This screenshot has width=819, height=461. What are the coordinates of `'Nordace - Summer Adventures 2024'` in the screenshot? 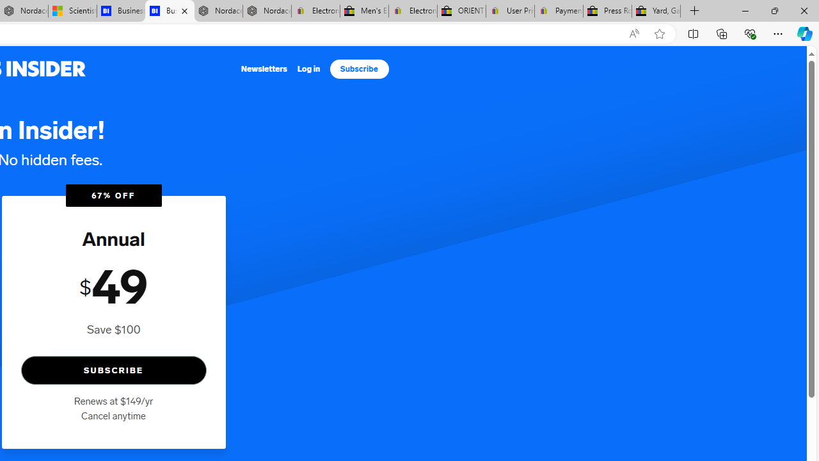 It's located at (218, 11).